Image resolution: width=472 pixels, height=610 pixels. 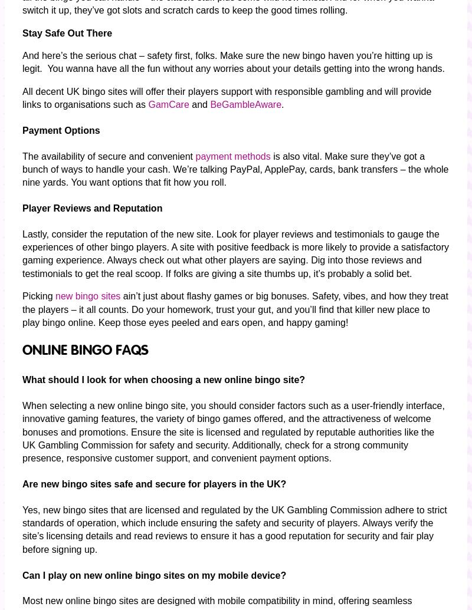 I want to click on 'Stay Safe Out There', so click(x=66, y=32).